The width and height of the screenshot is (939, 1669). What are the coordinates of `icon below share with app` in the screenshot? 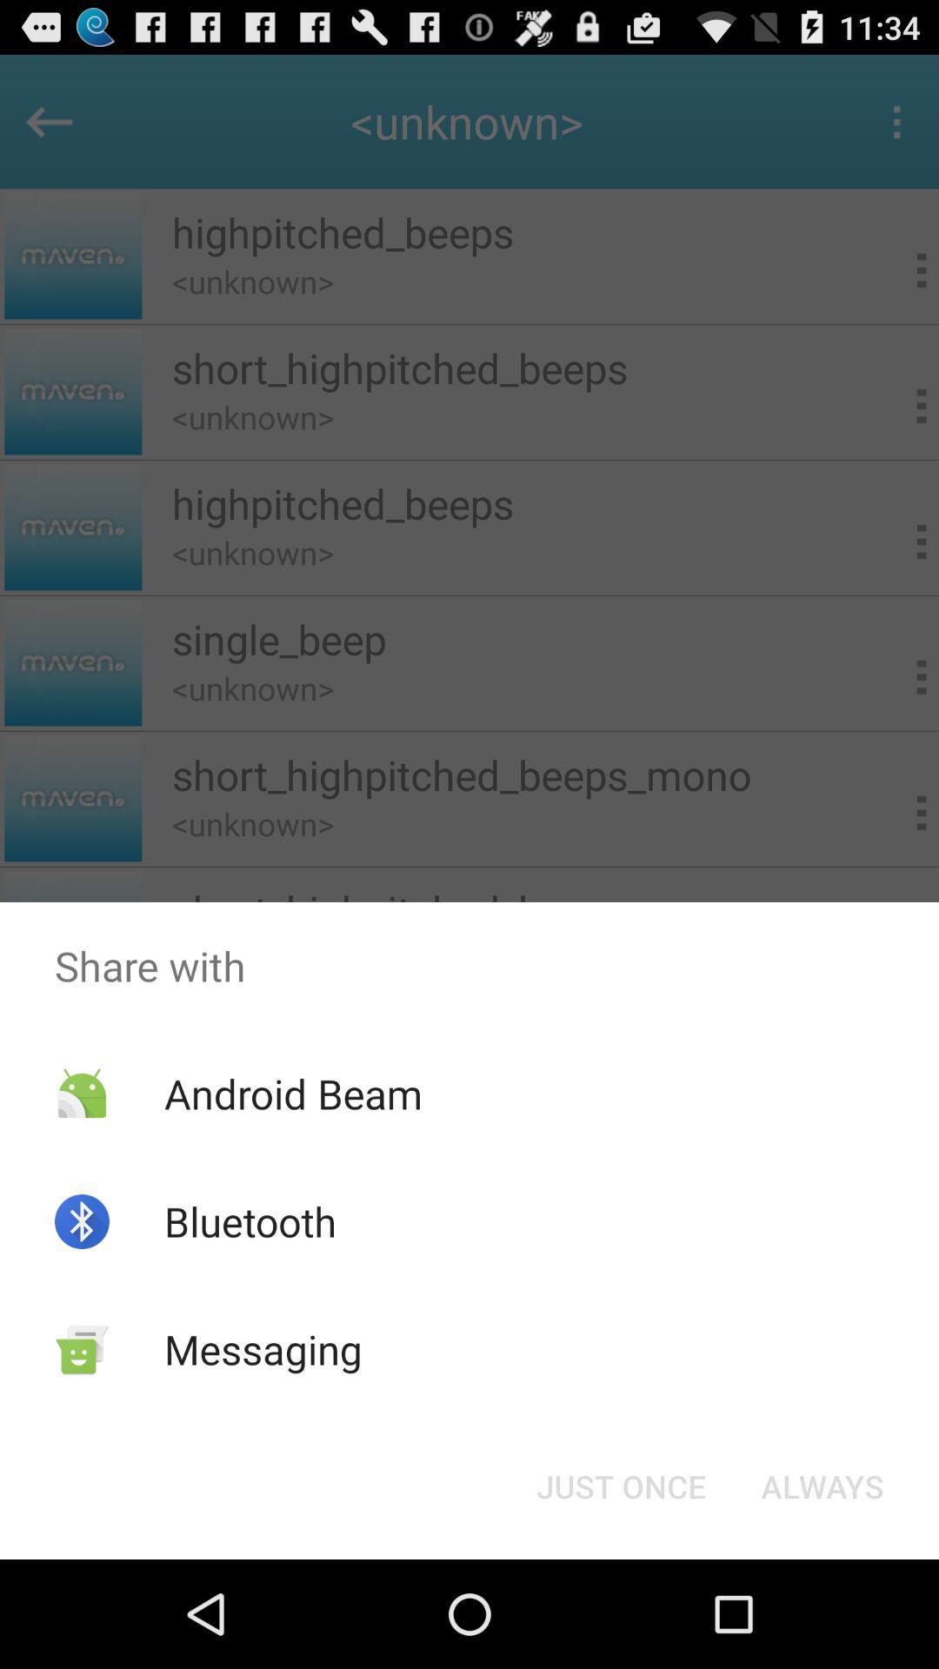 It's located at (292, 1093).